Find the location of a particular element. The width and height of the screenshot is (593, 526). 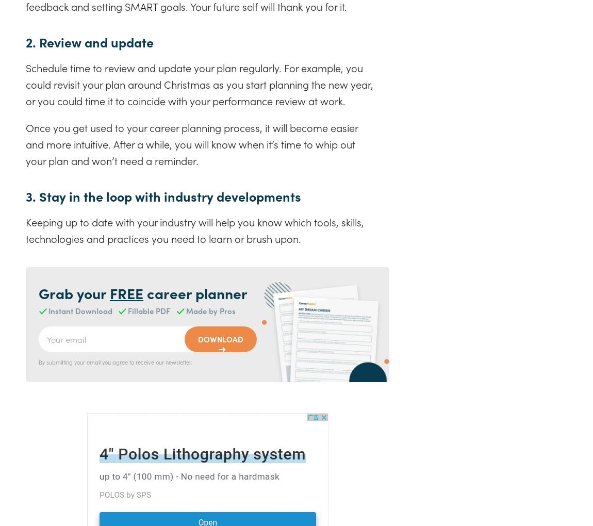

'Made by Pros' is located at coordinates (210, 309).